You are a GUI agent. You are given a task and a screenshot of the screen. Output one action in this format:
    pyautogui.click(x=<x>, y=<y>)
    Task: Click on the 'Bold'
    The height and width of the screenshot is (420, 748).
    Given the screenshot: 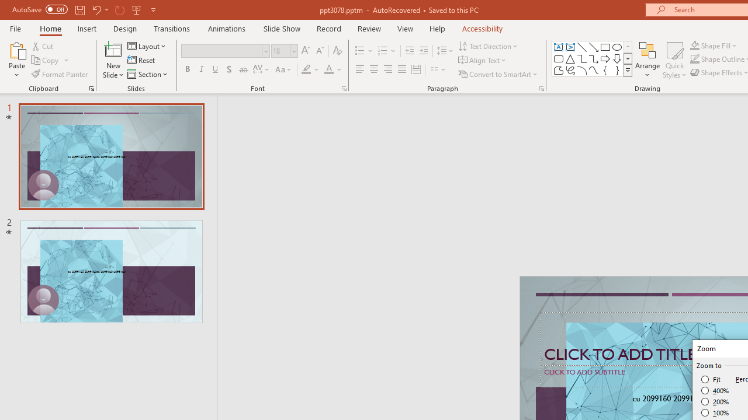 What is the action you would take?
    pyautogui.click(x=187, y=69)
    